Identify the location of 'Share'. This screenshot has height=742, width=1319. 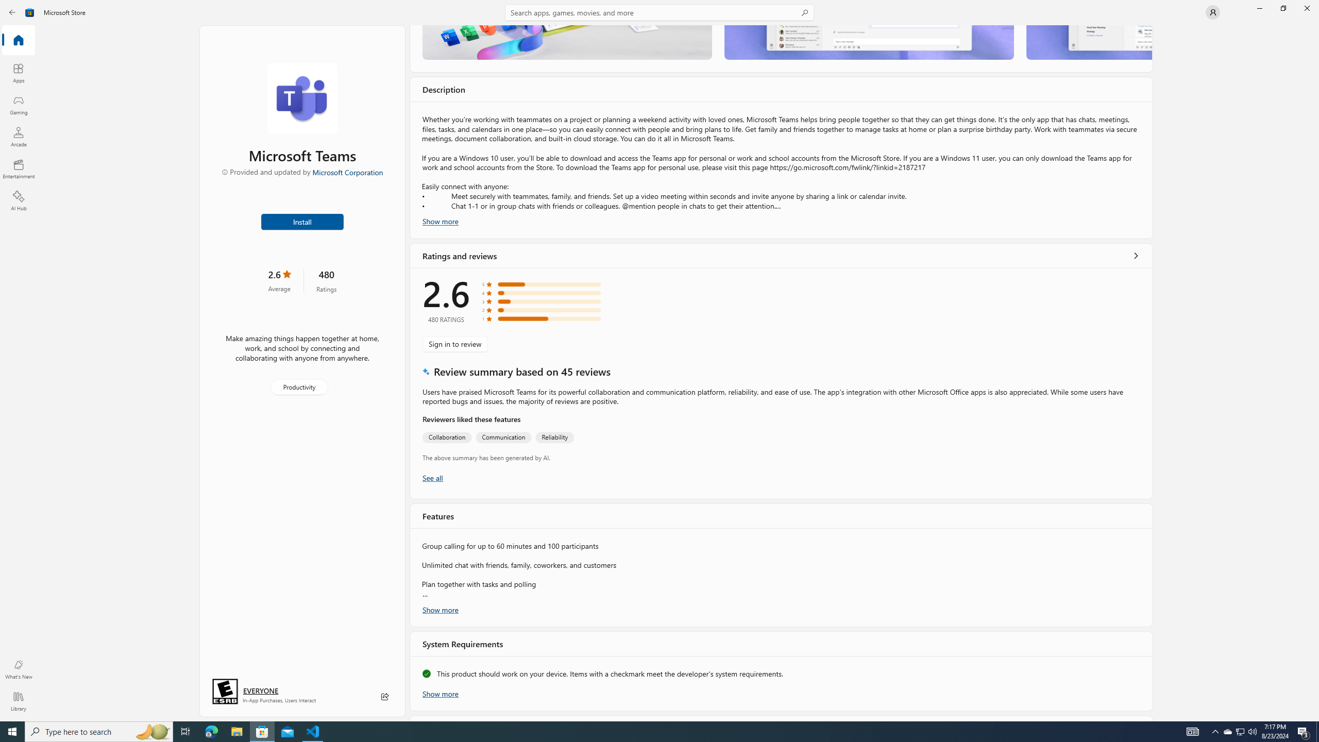
(384, 696).